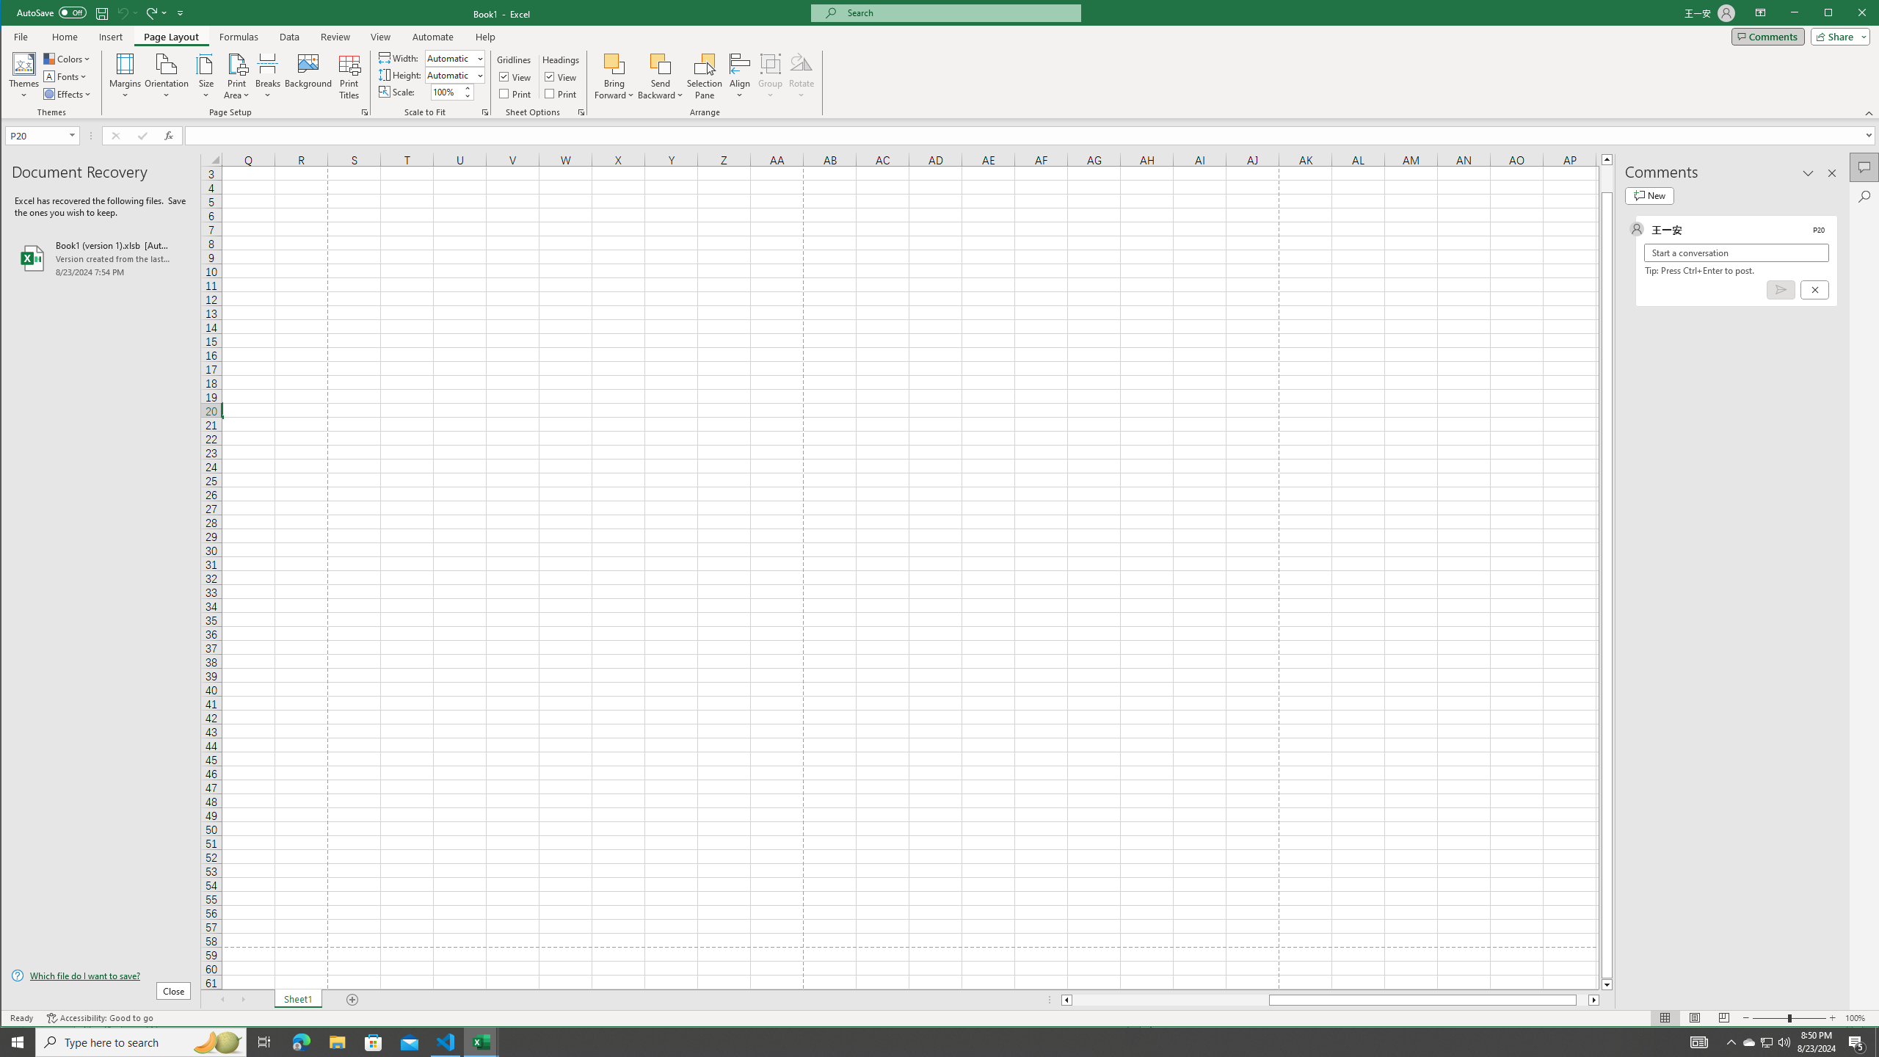  Describe the element at coordinates (446, 92) in the screenshot. I see `'Scale'` at that location.